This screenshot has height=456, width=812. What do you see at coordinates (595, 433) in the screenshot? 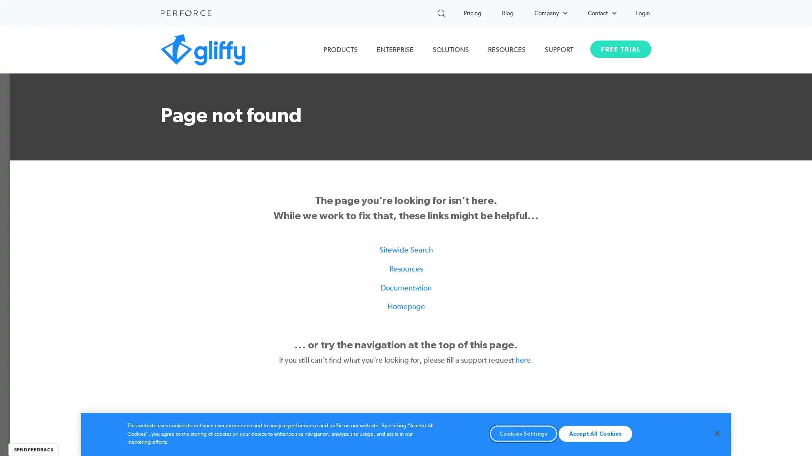
I see `Accept All Cookies` at bounding box center [595, 433].